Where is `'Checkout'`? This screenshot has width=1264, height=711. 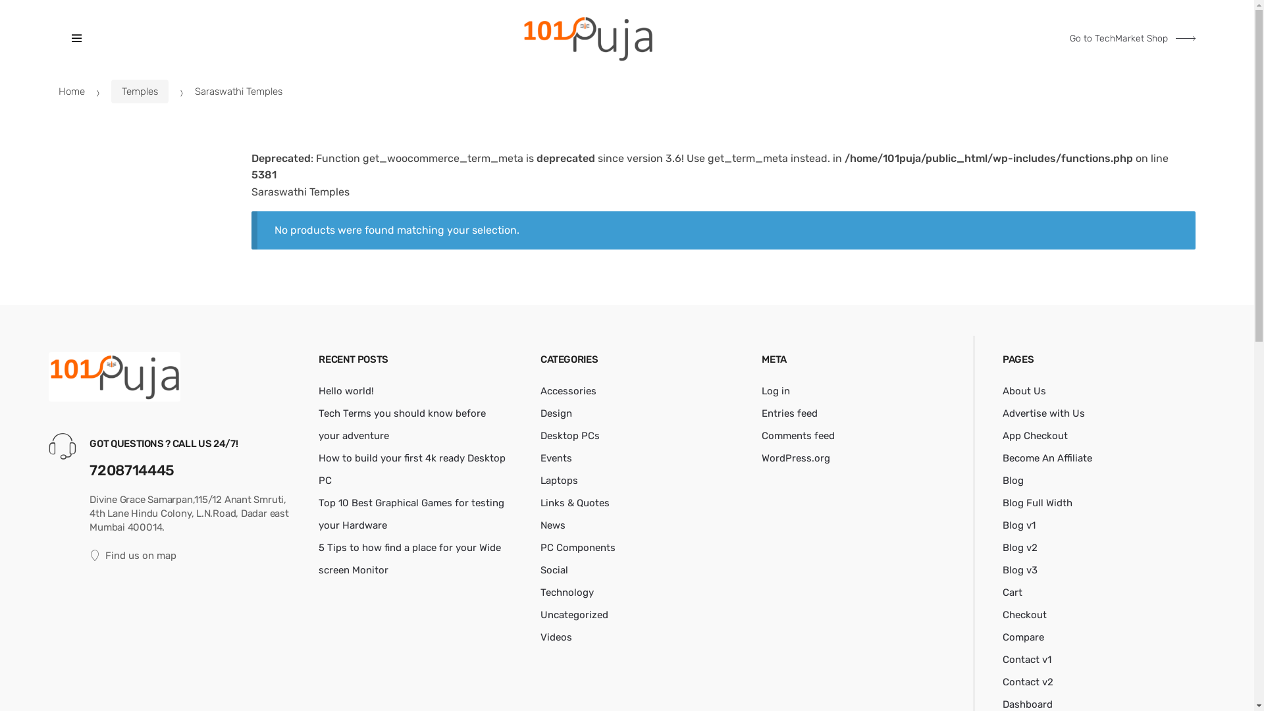
'Checkout' is located at coordinates (1024, 614).